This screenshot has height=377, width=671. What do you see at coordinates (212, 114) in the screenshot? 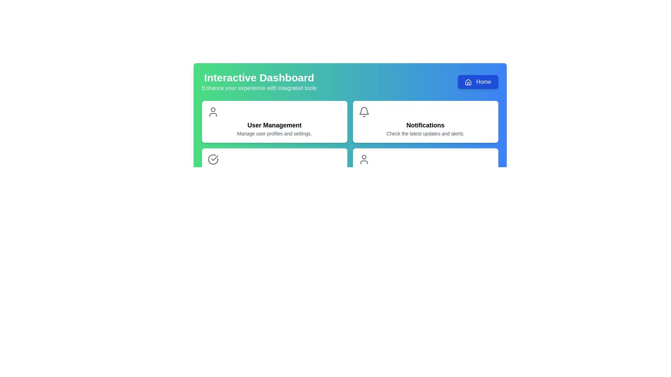
I see `the avatar icon located within the User Management section of the main dashboard, positioned on the top left side of the User Management card, above the title text 'User Management'` at bounding box center [212, 114].